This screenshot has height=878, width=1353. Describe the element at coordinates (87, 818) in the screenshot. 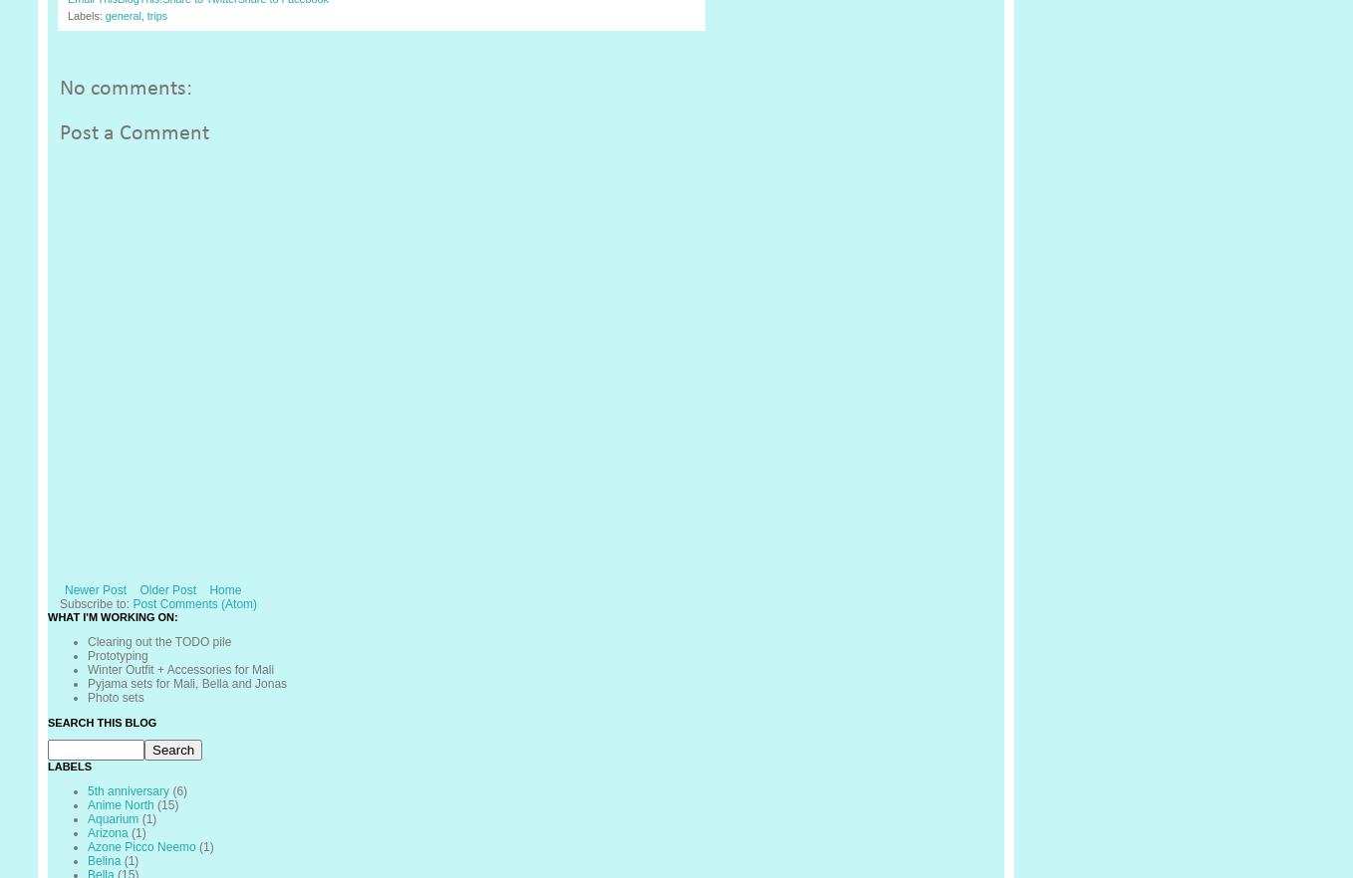

I see `'Aquarium'` at that location.